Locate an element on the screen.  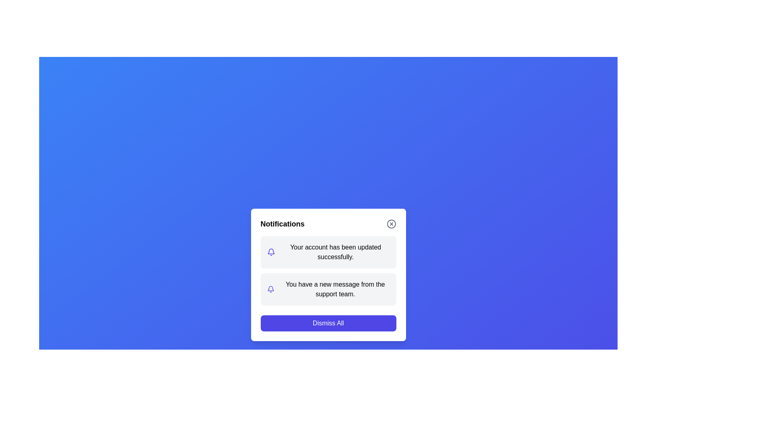
the indigo bell icon with a modern thin-line design, located to the left of the text 'Your account has been updated successfully' in the first notification entry is located at coordinates (271, 252).